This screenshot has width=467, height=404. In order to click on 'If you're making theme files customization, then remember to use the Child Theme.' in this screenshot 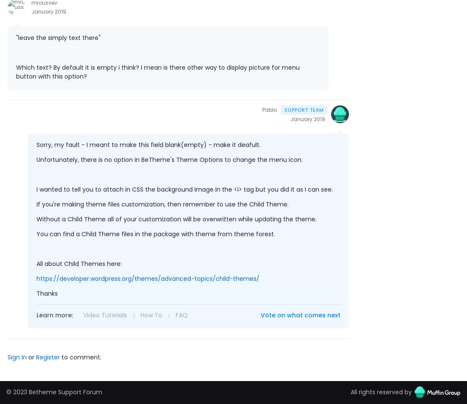, I will do `click(163, 204)`.